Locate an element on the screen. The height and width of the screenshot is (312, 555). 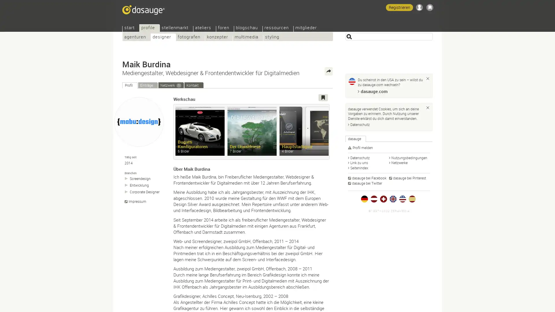
Auf den Merkzettel is located at coordinates (323, 97).